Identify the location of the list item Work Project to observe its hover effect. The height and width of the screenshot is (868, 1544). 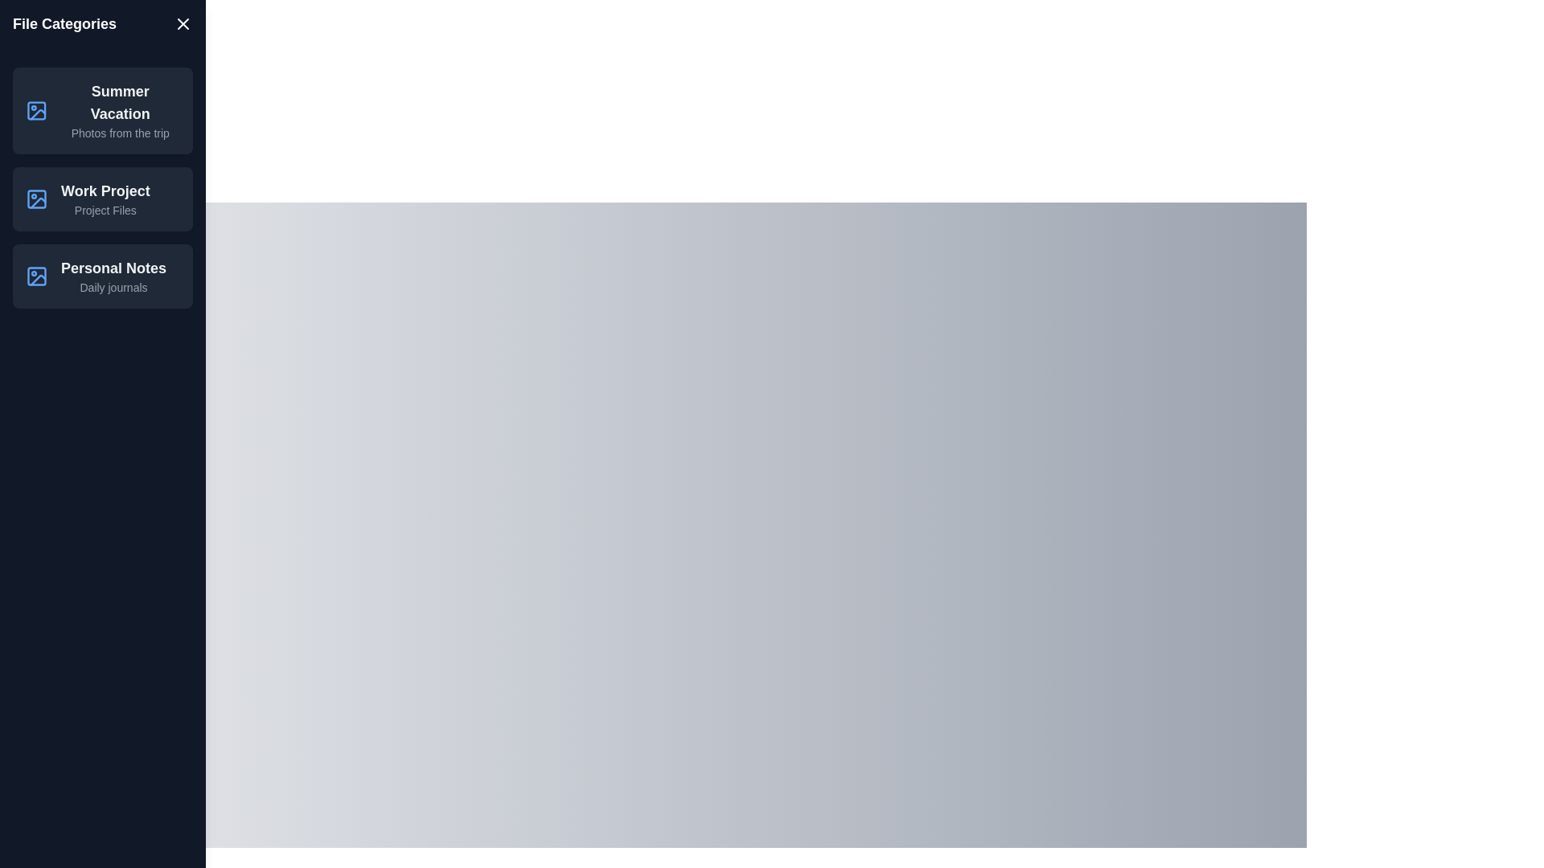
(102, 198).